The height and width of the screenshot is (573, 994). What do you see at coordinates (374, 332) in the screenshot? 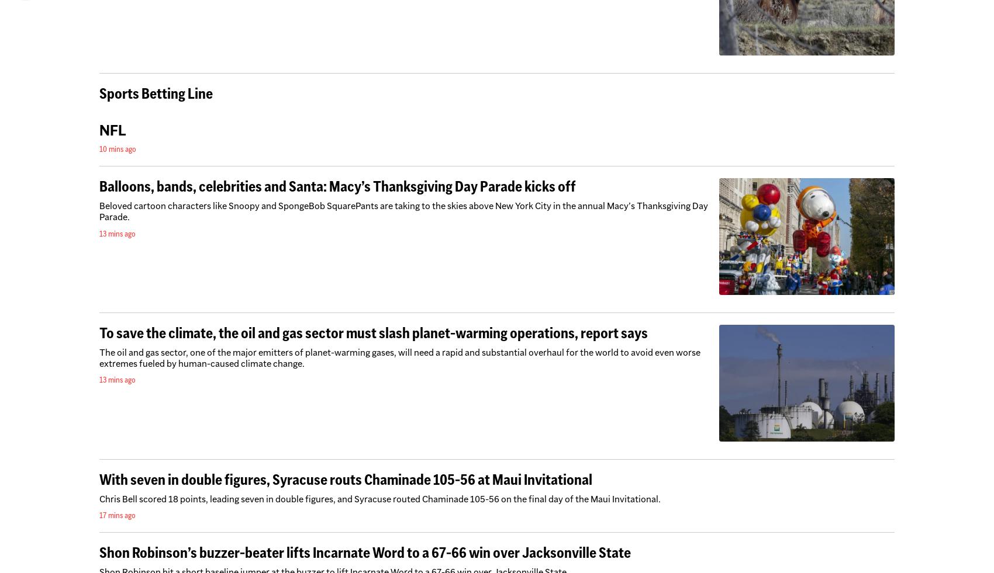
I see `'To save the climate, the oil and gas sector must slash planet-warming operations, report says'` at bounding box center [374, 332].